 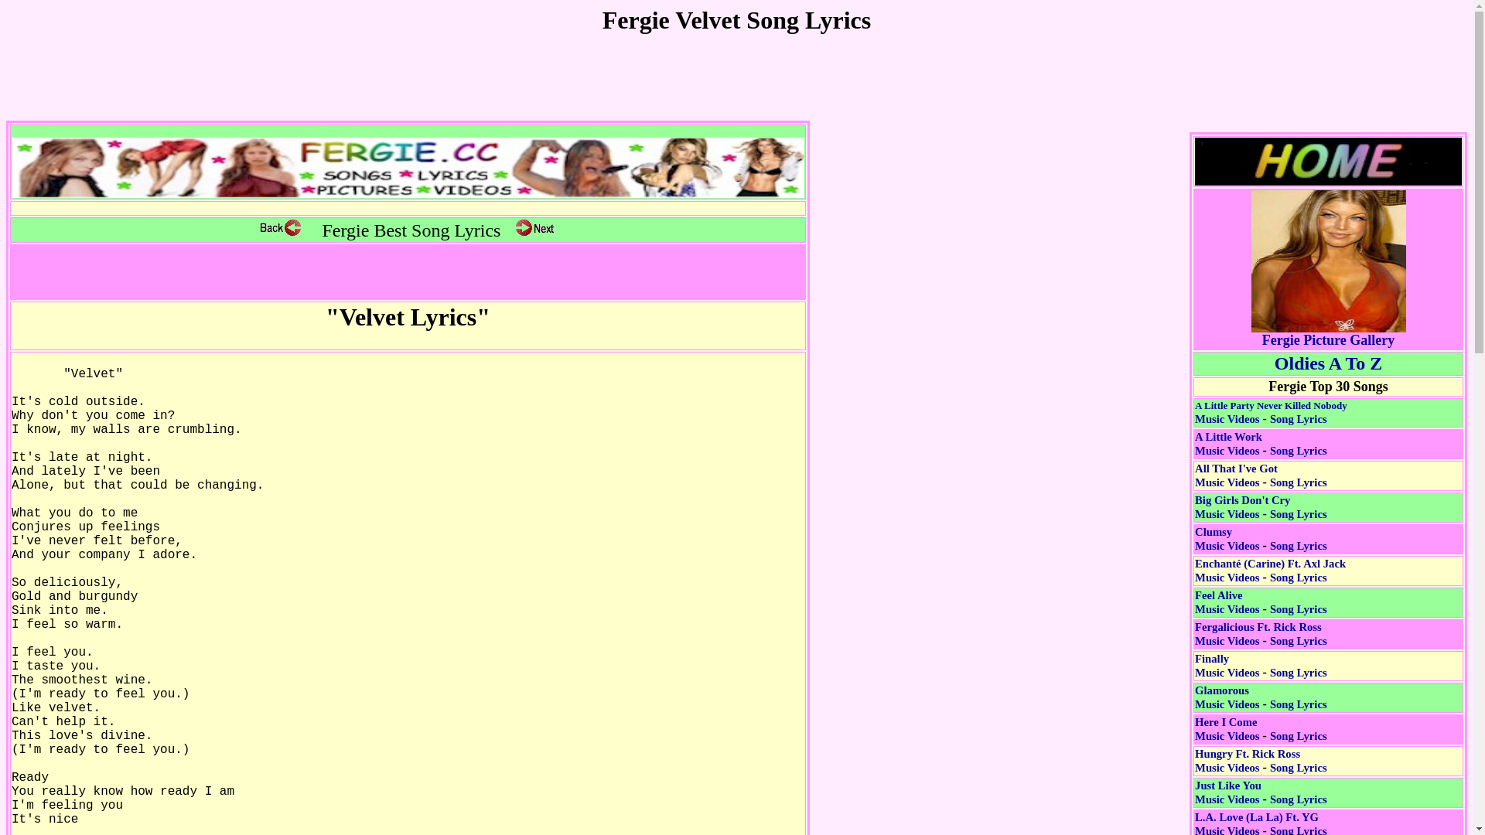 What do you see at coordinates (1299, 450) in the screenshot?
I see `'Song Lyrics'` at bounding box center [1299, 450].